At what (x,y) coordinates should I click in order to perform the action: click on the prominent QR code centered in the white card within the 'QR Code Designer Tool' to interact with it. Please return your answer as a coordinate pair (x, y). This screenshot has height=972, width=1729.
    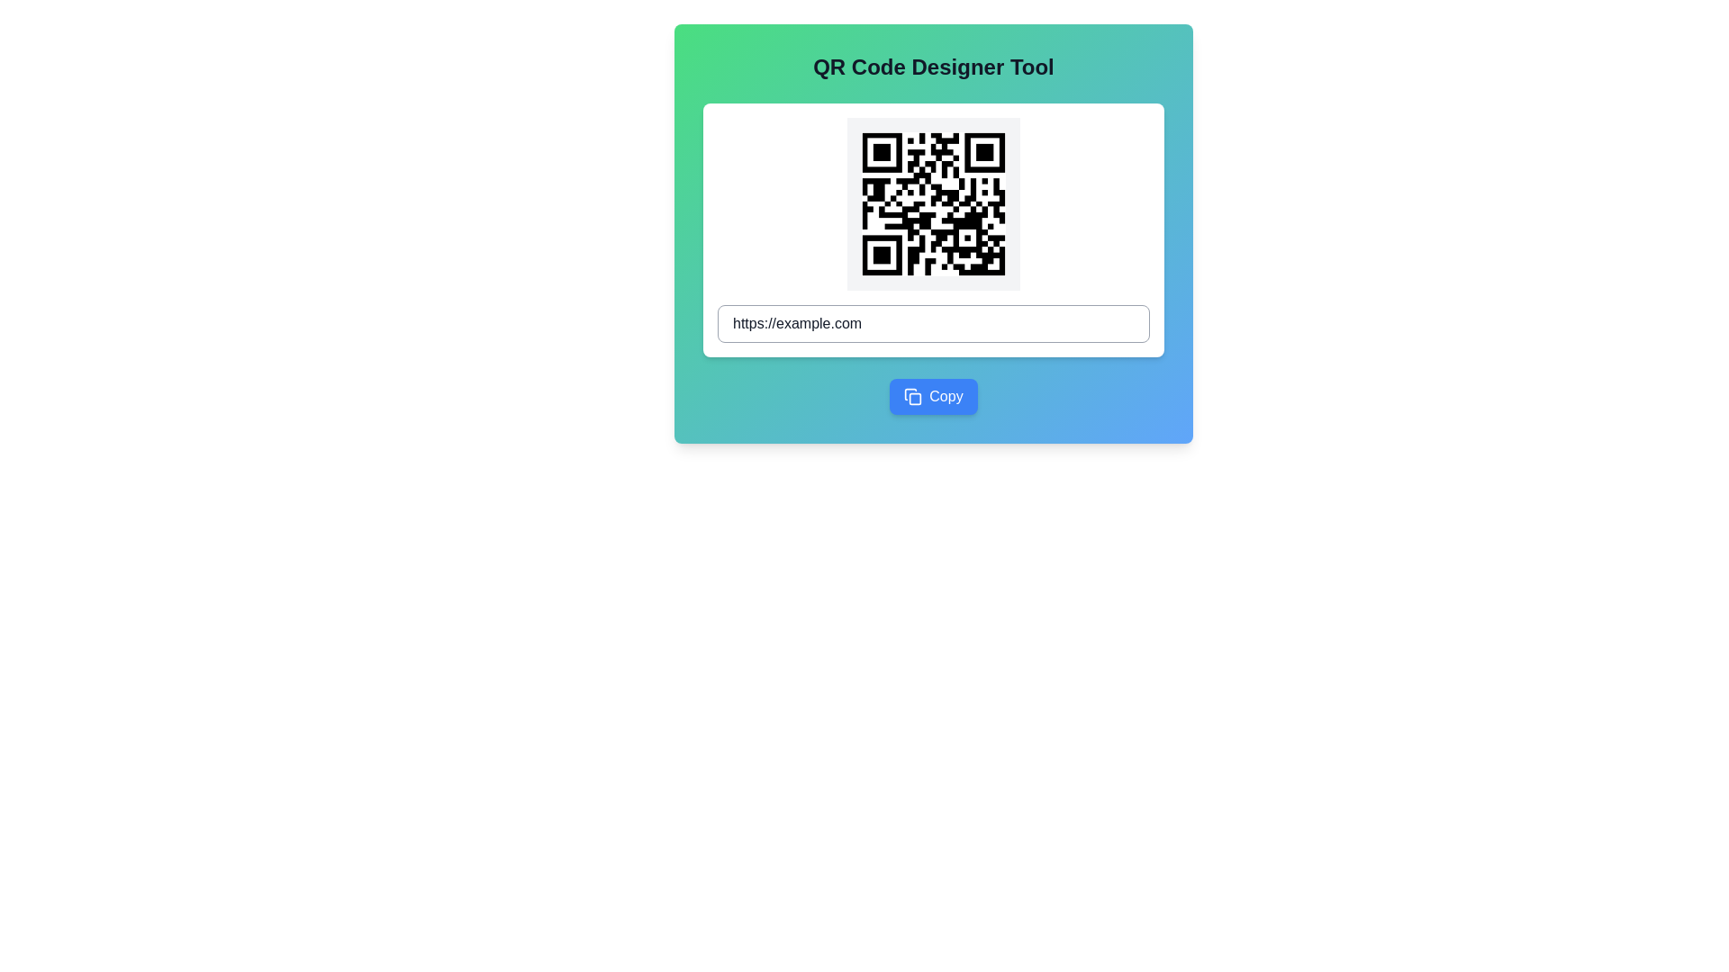
    Looking at the image, I should click on (933, 229).